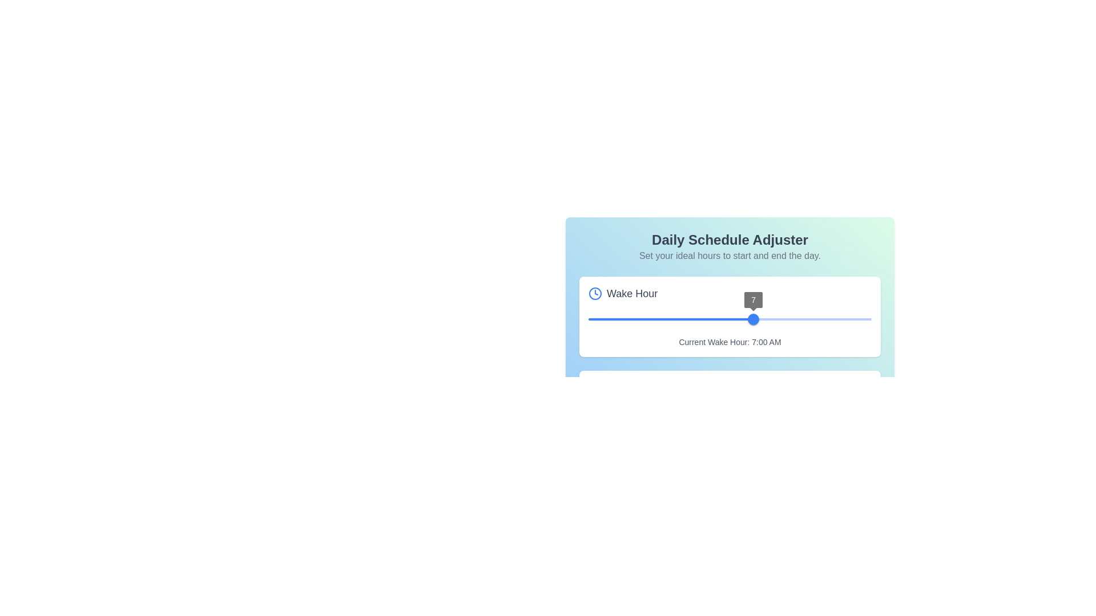 Image resolution: width=1096 pixels, height=616 pixels. What do you see at coordinates (729, 239) in the screenshot?
I see `the static text or label that serves as the title or heading for the interface, located at the top center of the interface, above the text 'Set your ideal hours to start and end the day.'` at bounding box center [729, 239].